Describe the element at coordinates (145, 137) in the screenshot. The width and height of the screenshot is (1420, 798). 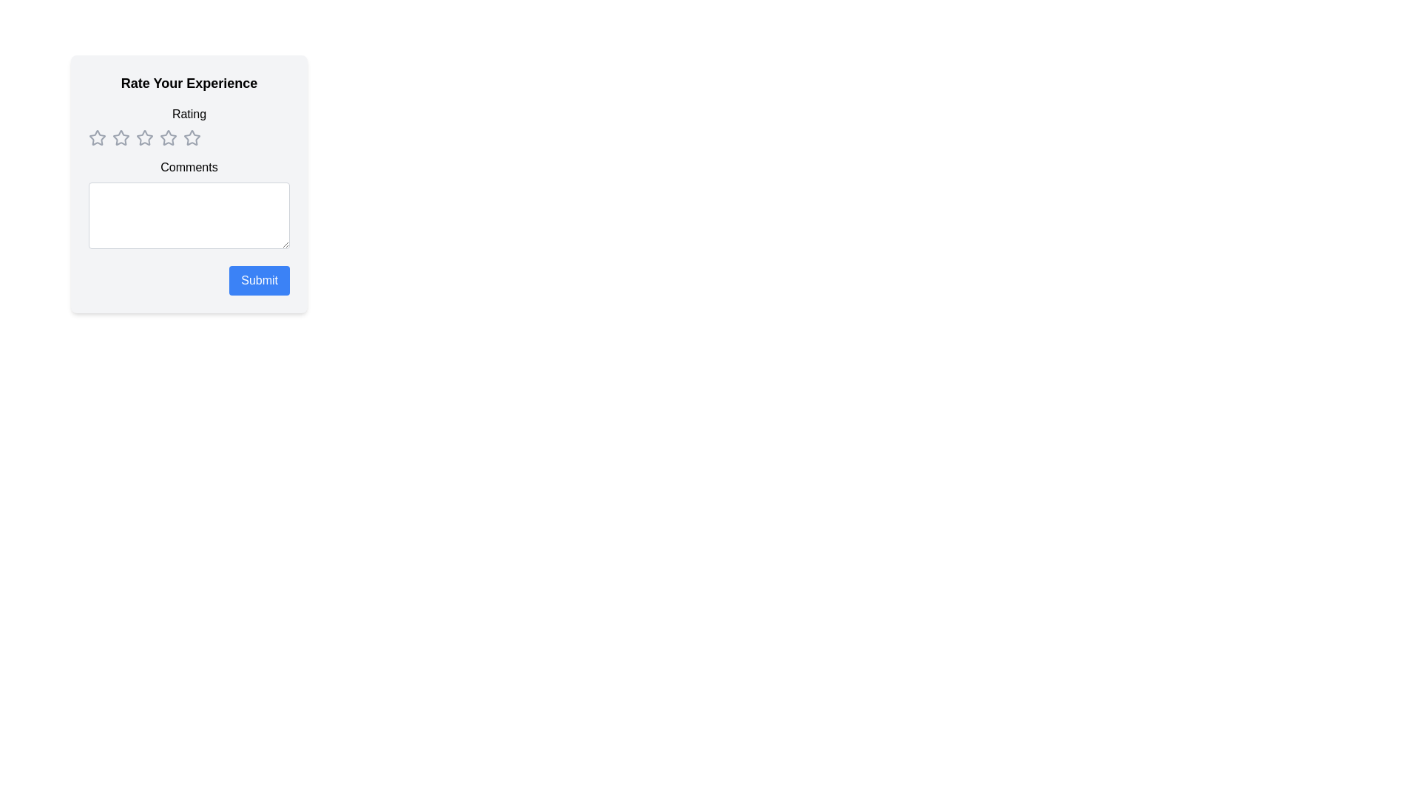
I see `the fourth star icon in the rating selection system` at that location.